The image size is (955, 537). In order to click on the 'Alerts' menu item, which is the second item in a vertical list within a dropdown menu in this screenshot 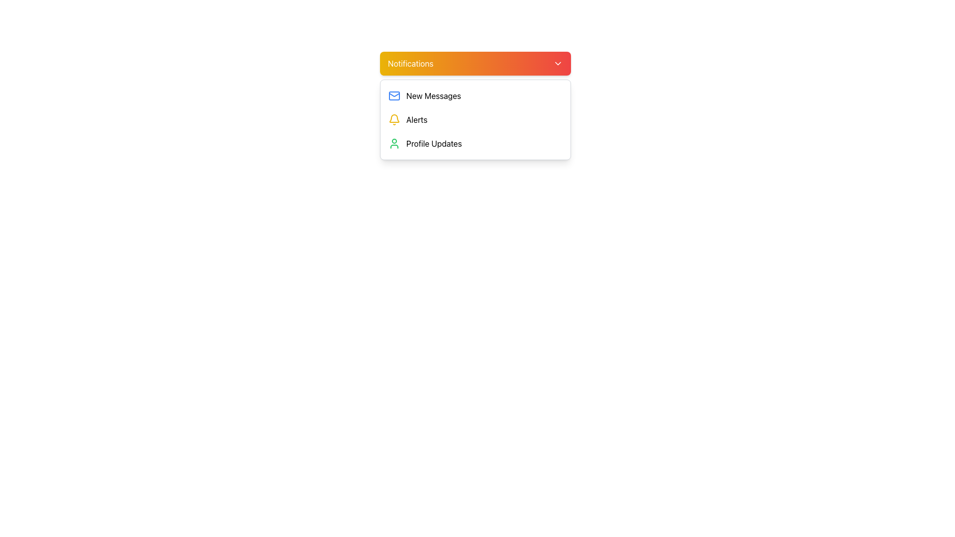, I will do `click(475, 119)`.